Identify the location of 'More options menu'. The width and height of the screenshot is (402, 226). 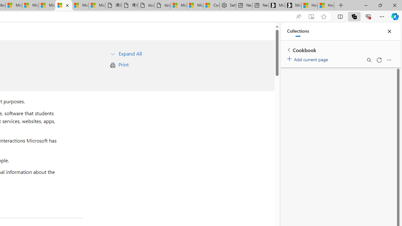
(388, 60).